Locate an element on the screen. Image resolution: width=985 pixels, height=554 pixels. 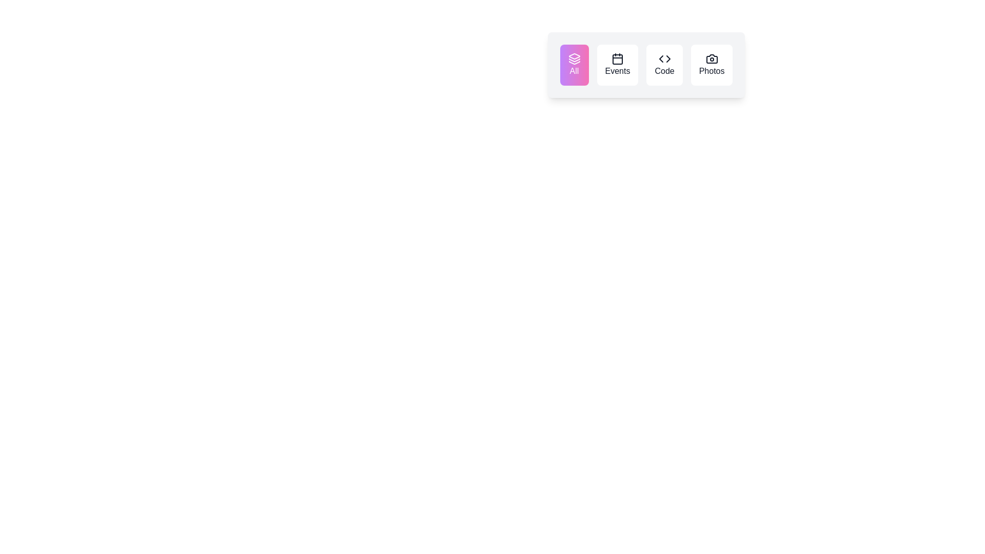
the 'Photos' button, which features a camera icon above the label and is located on the far right of the button group is located at coordinates (711, 65).